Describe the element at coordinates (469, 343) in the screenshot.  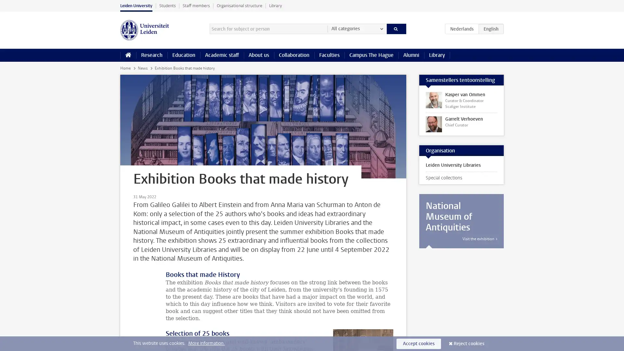
I see `Reject cookies` at that location.